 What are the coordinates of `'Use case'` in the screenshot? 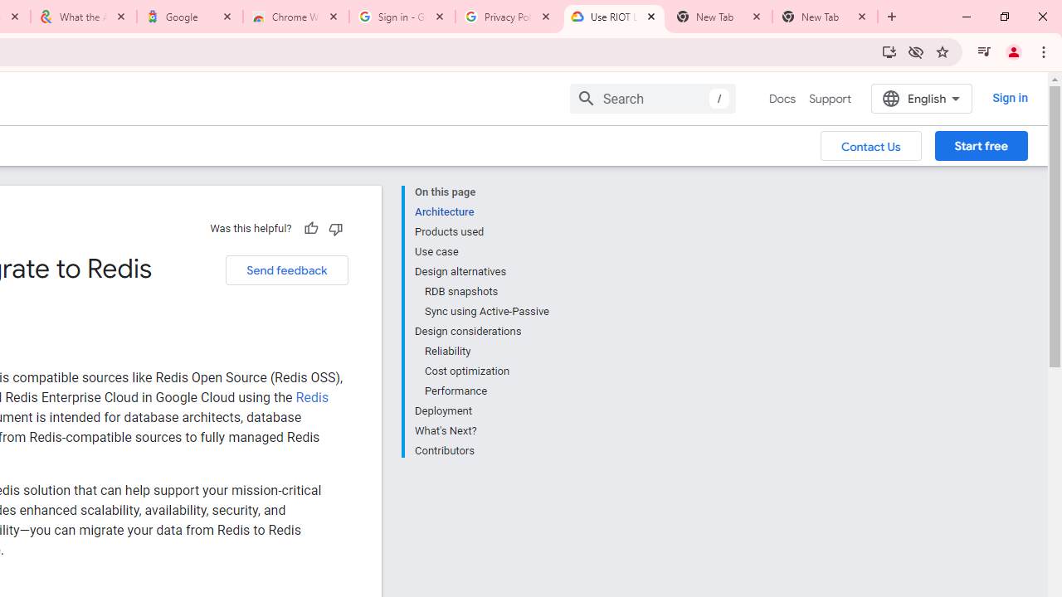 It's located at (480, 252).